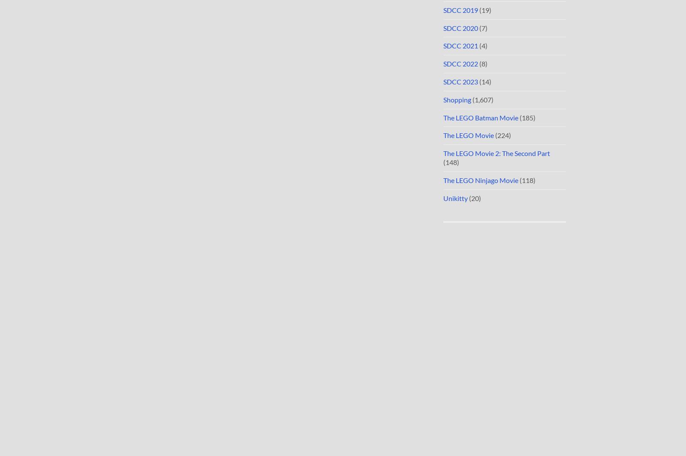 The height and width of the screenshot is (456, 686). Describe the element at coordinates (460, 9) in the screenshot. I see `'SDCC 2019'` at that location.